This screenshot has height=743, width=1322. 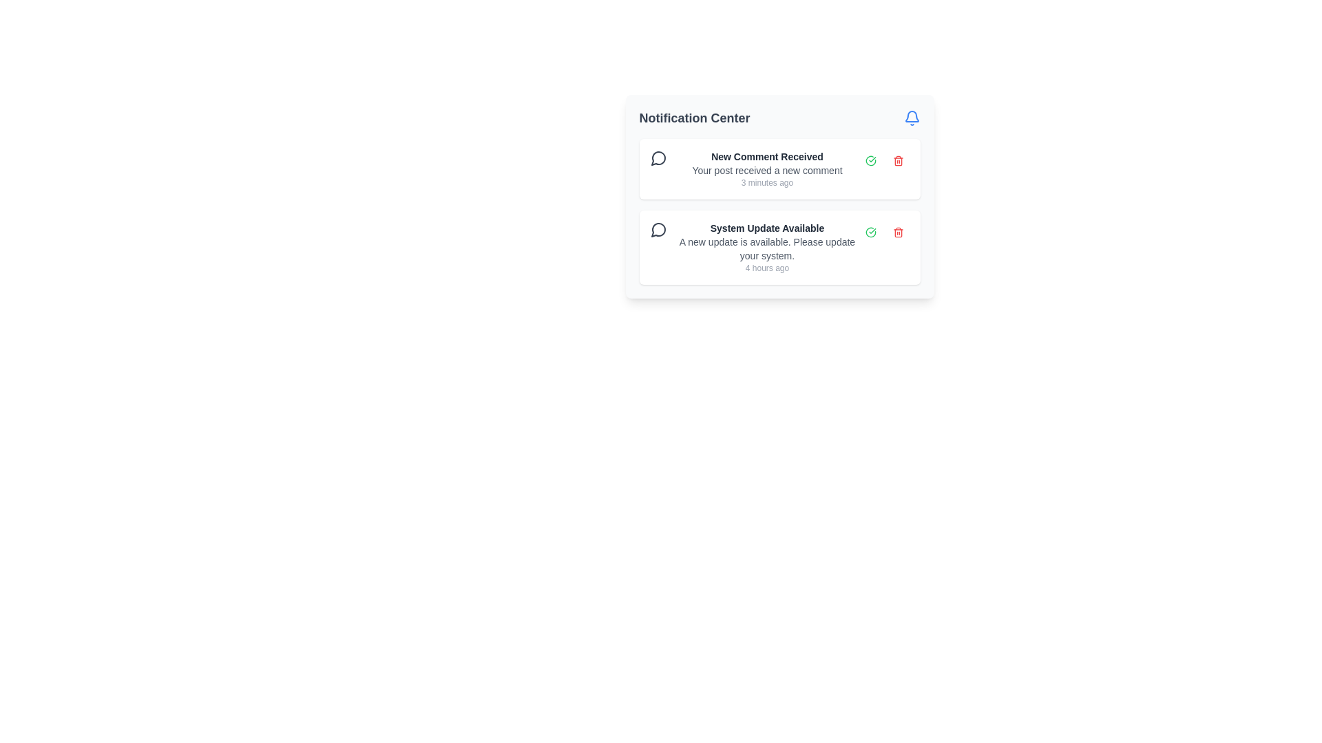 I want to click on the circular checkmark icon with a green outline located in the second entry of the notification list in the 'Notification Center' dialog, so click(x=870, y=160).